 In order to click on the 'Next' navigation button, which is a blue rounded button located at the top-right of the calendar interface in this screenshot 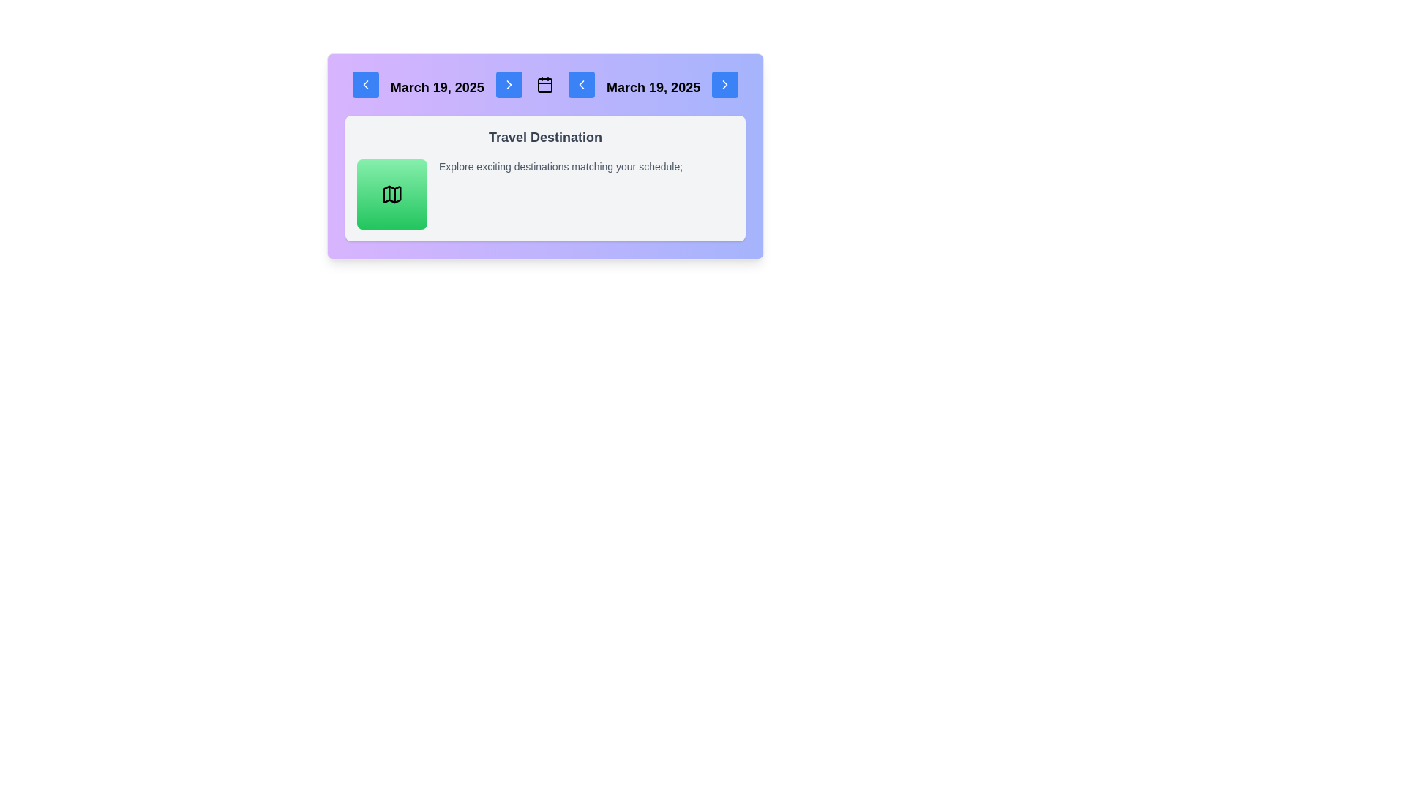, I will do `click(725, 84)`.